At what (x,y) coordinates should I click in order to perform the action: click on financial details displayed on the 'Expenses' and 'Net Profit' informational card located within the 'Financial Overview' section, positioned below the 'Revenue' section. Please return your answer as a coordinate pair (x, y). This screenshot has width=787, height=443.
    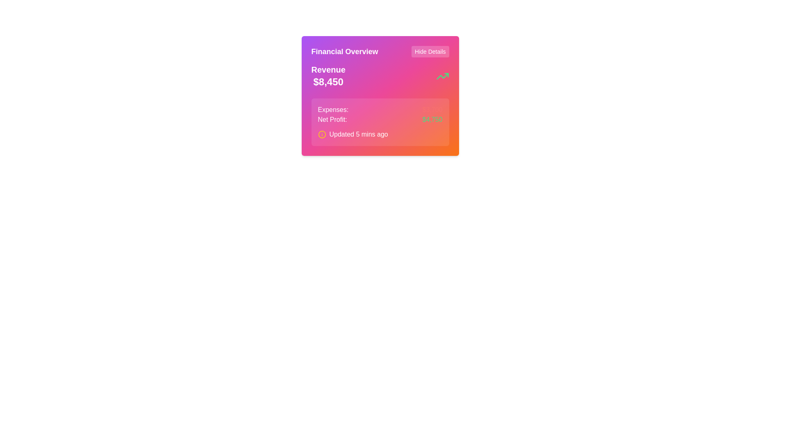
    Looking at the image, I should click on (380, 122).